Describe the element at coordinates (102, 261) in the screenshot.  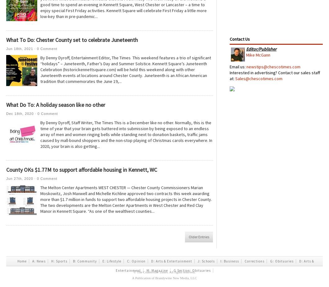
I see `'E: Lifestyle'` at that location.